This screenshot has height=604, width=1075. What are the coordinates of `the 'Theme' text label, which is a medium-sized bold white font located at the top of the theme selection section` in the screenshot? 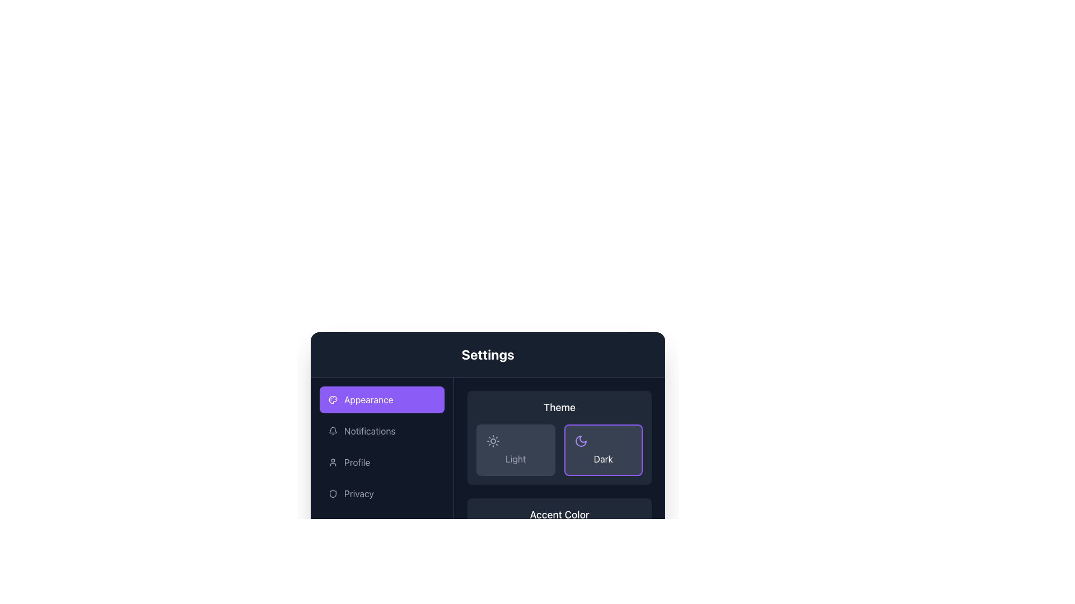 It's located at (559, 408).